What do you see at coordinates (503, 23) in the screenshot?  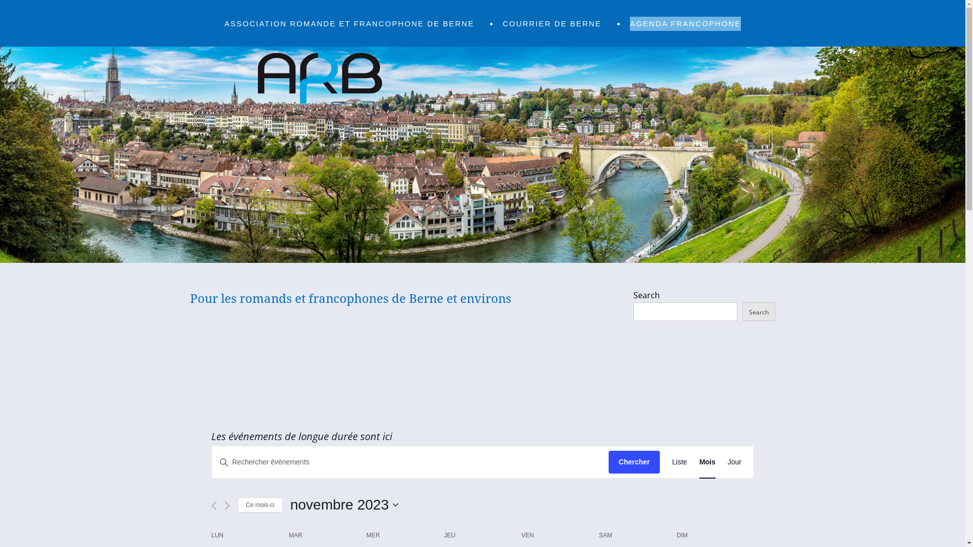 I see `'COURRIER DE BERNE'` at bounding box center [503, 23].